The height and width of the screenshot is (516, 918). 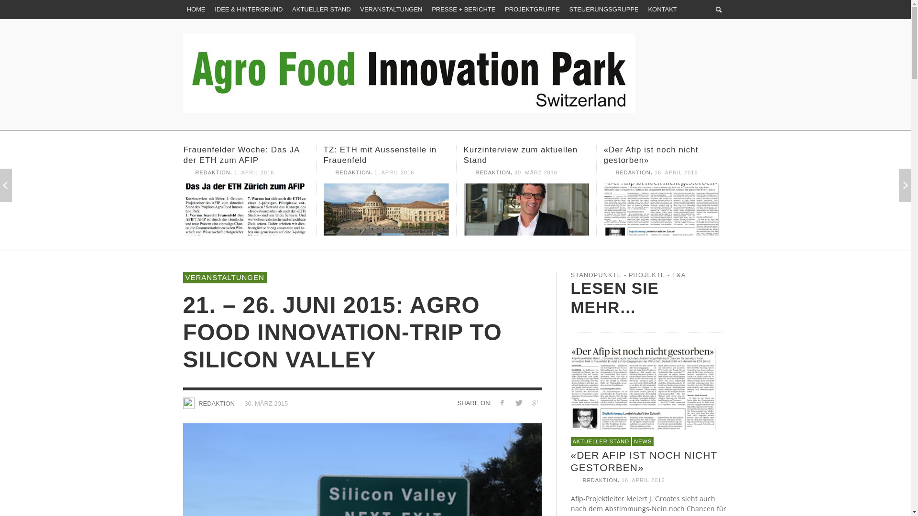 What do you see at coordinates (565, 9) in the screenshot?
I see `'STEUERUNGSGRUPPE'` at bounding box center [565, 9].